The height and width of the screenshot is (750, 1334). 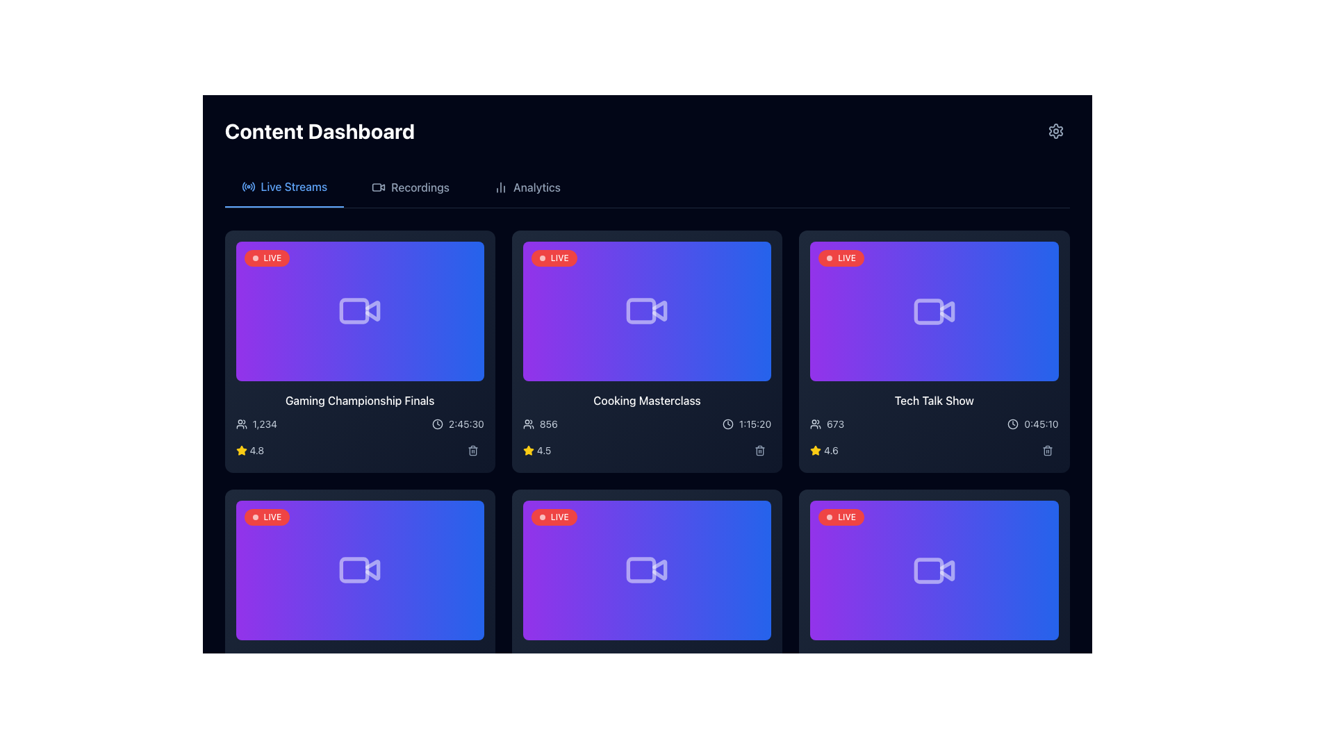 What do you see at coordinates (646, 310) in the screenshot?
I see `the video camera icon located centrally in the second card of the top row in the content grid labeled 'Cooking Masterclass'` at bounding box center [646, 310].